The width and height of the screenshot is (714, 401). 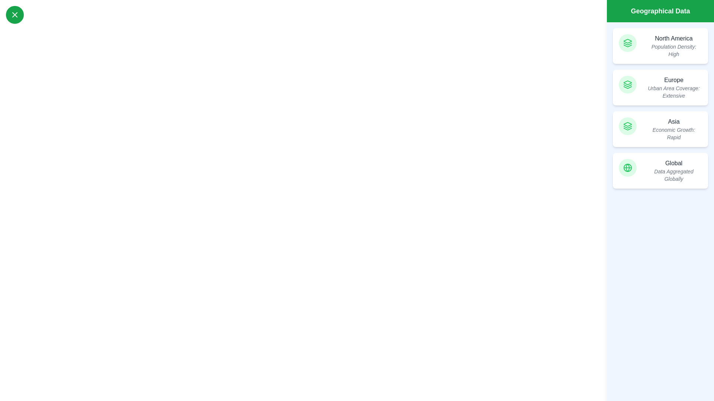 I want to click on the region Europe to view its details, so click(x=660, y=87).